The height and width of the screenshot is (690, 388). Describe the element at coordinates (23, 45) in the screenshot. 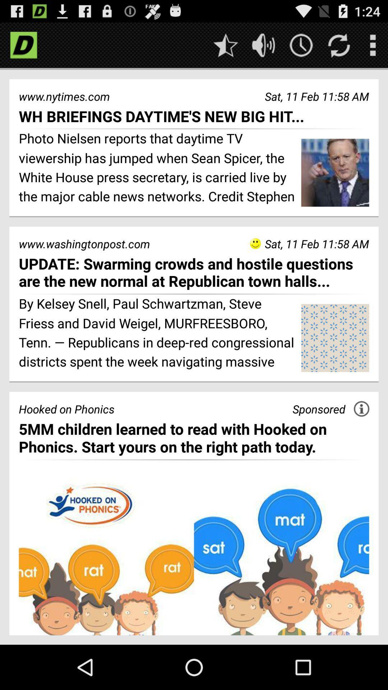

I see `visit homepage` at that location.